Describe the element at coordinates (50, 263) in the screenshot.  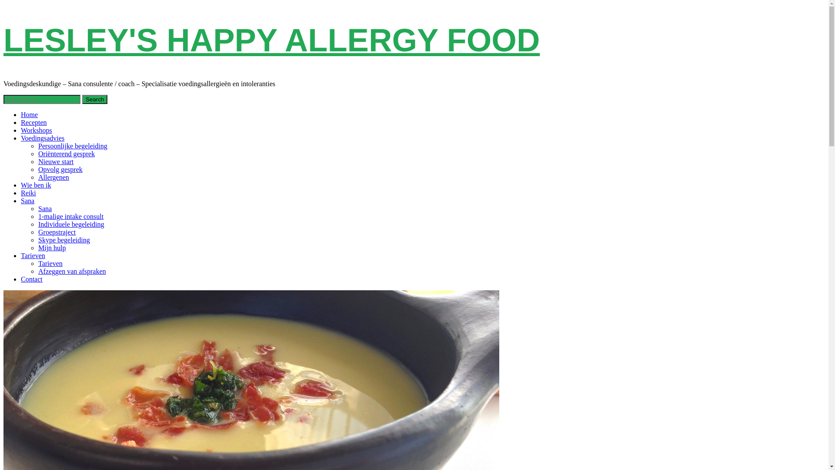
I see `'Tarieven'` at that location.